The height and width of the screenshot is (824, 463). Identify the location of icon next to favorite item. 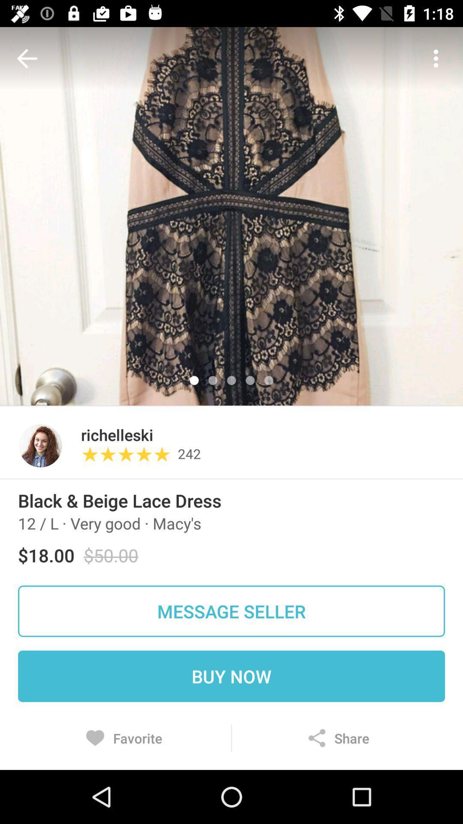
(338, 738).